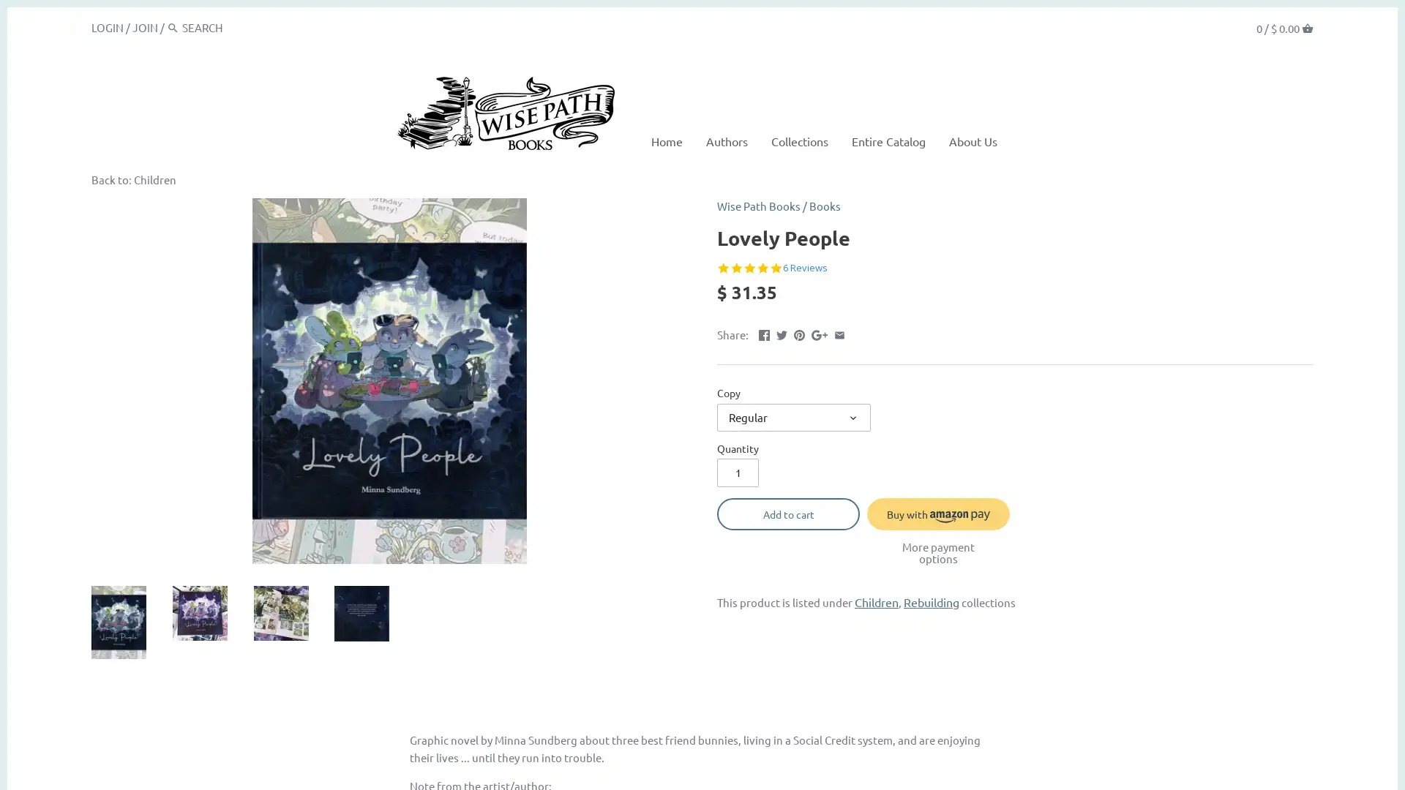 This screenshot has height=790, width=1405. What do you see at coordinates (173, 27) in the screenshot?
I see `Search` at bounding box center [173, 27].